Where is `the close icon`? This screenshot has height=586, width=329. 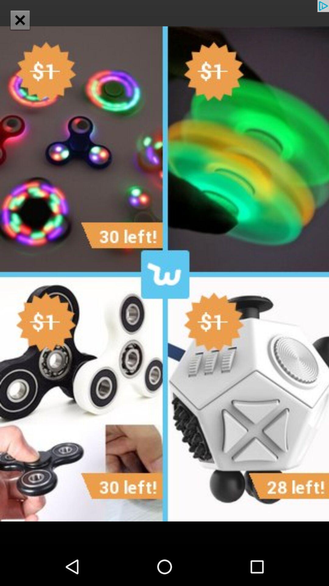
the close icon is located at coordinates (19, 21).